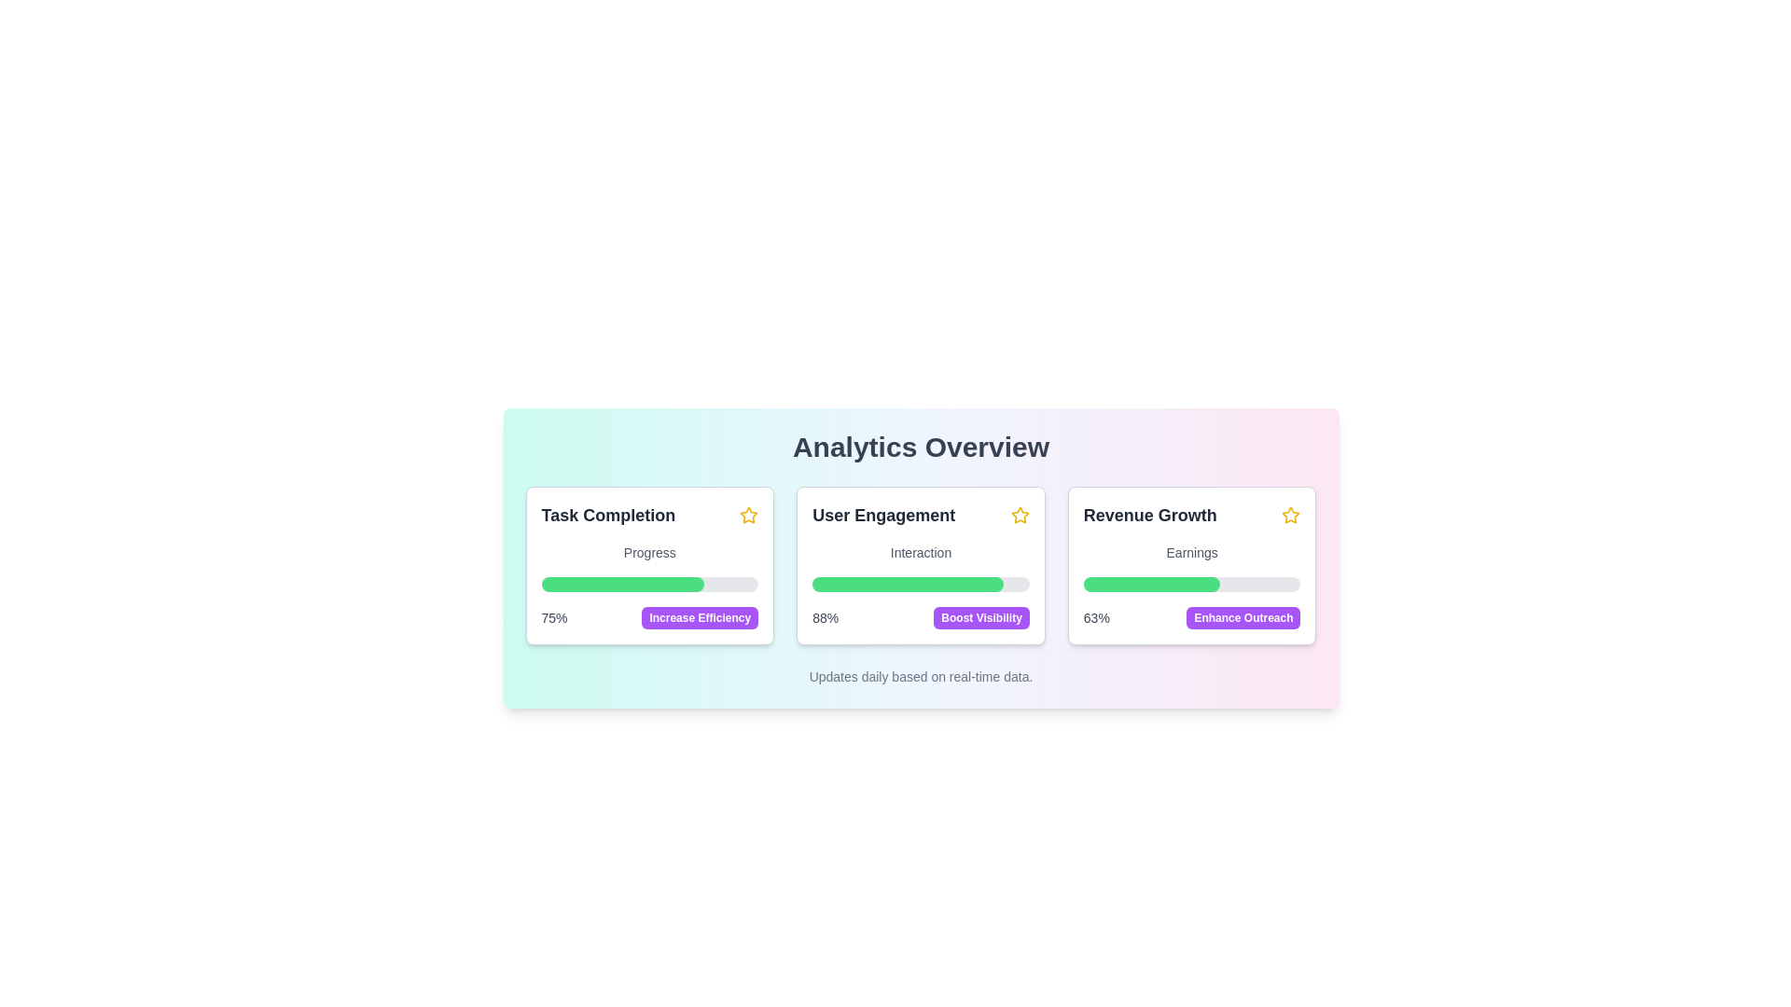 The image size is (1791, 1007). What do you see at coordinates (1290, 515) in the screenshot?
I see `the icon located at the top-right corner of the 'Revenue Growth' card, which is the rightmost card in a row of three cards` at bounding box center [1290, 515].